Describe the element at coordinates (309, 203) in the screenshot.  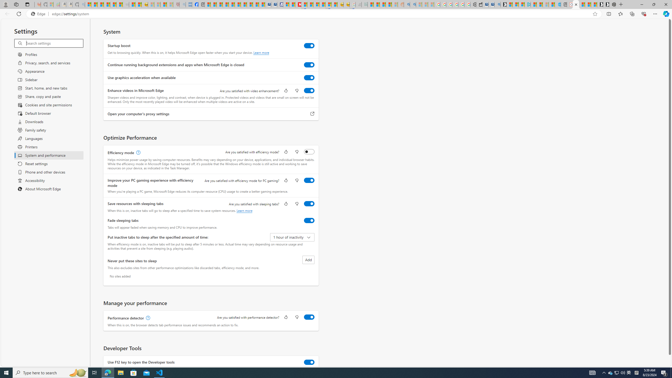
I see `'Save resources with sleeping tabs'` at that location.